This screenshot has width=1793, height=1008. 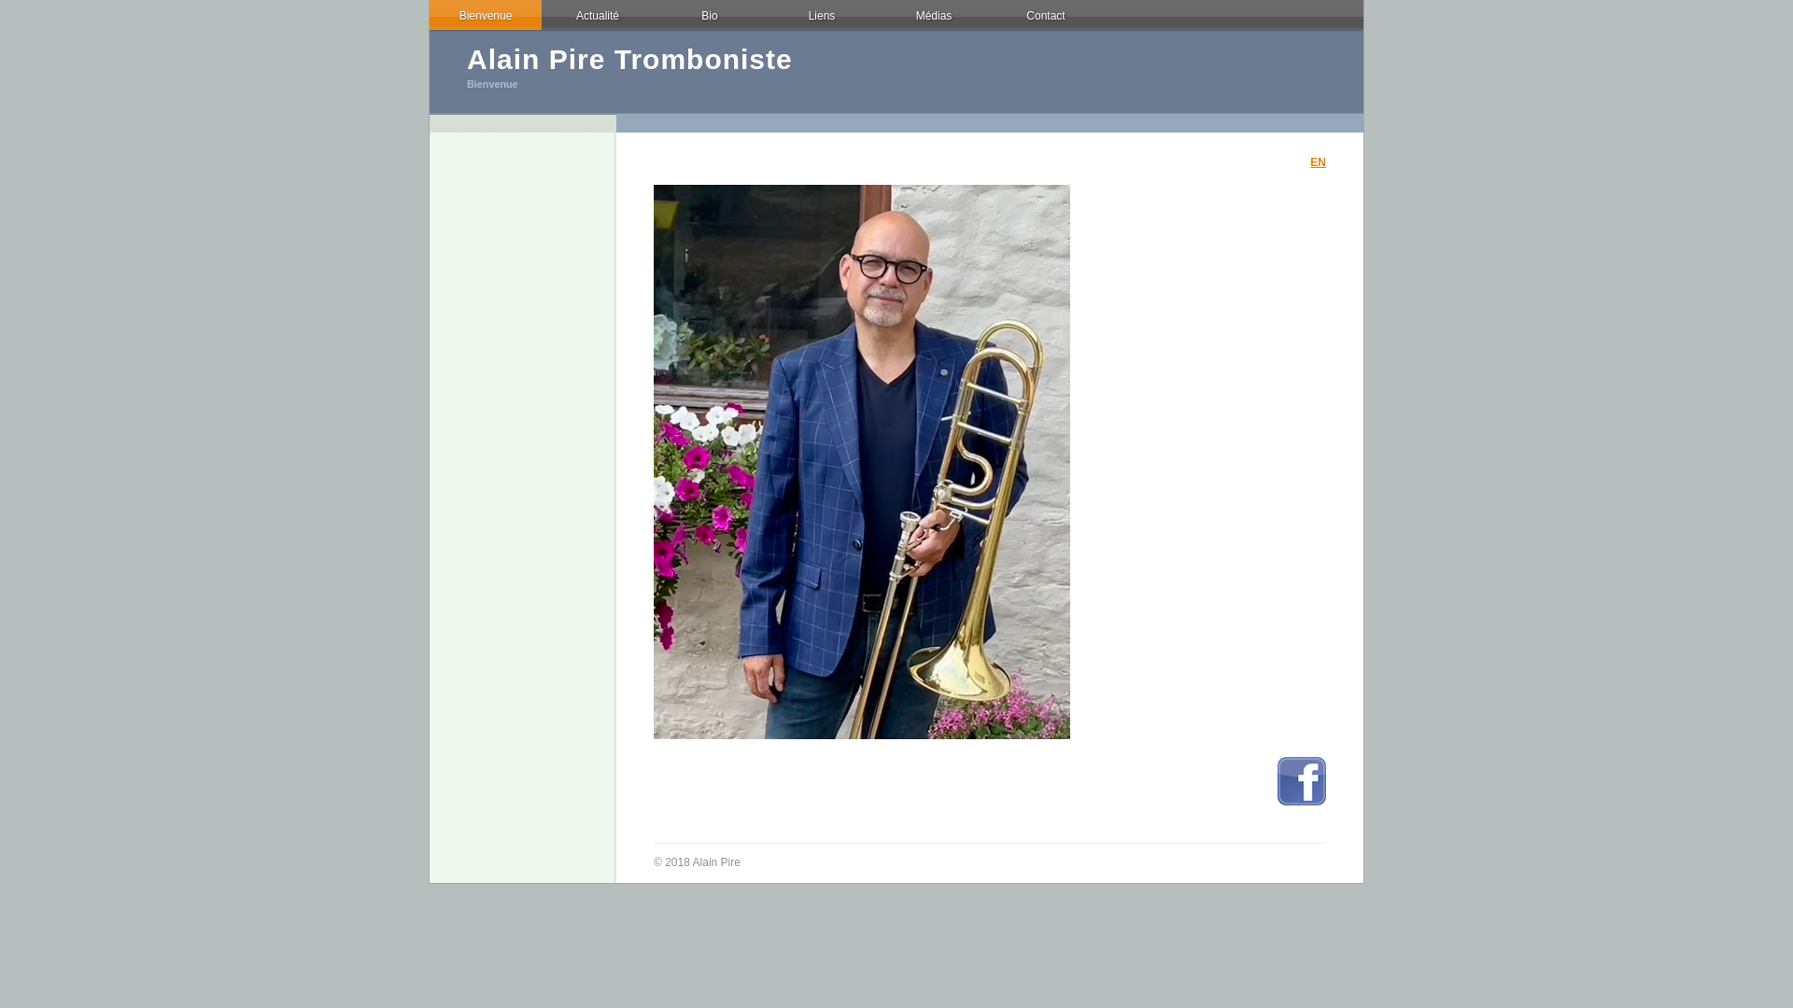 What do you see at coordinates (485, 15) in the screenshot?
I see `'Bienvenue'` at bounding box center [485, 15].